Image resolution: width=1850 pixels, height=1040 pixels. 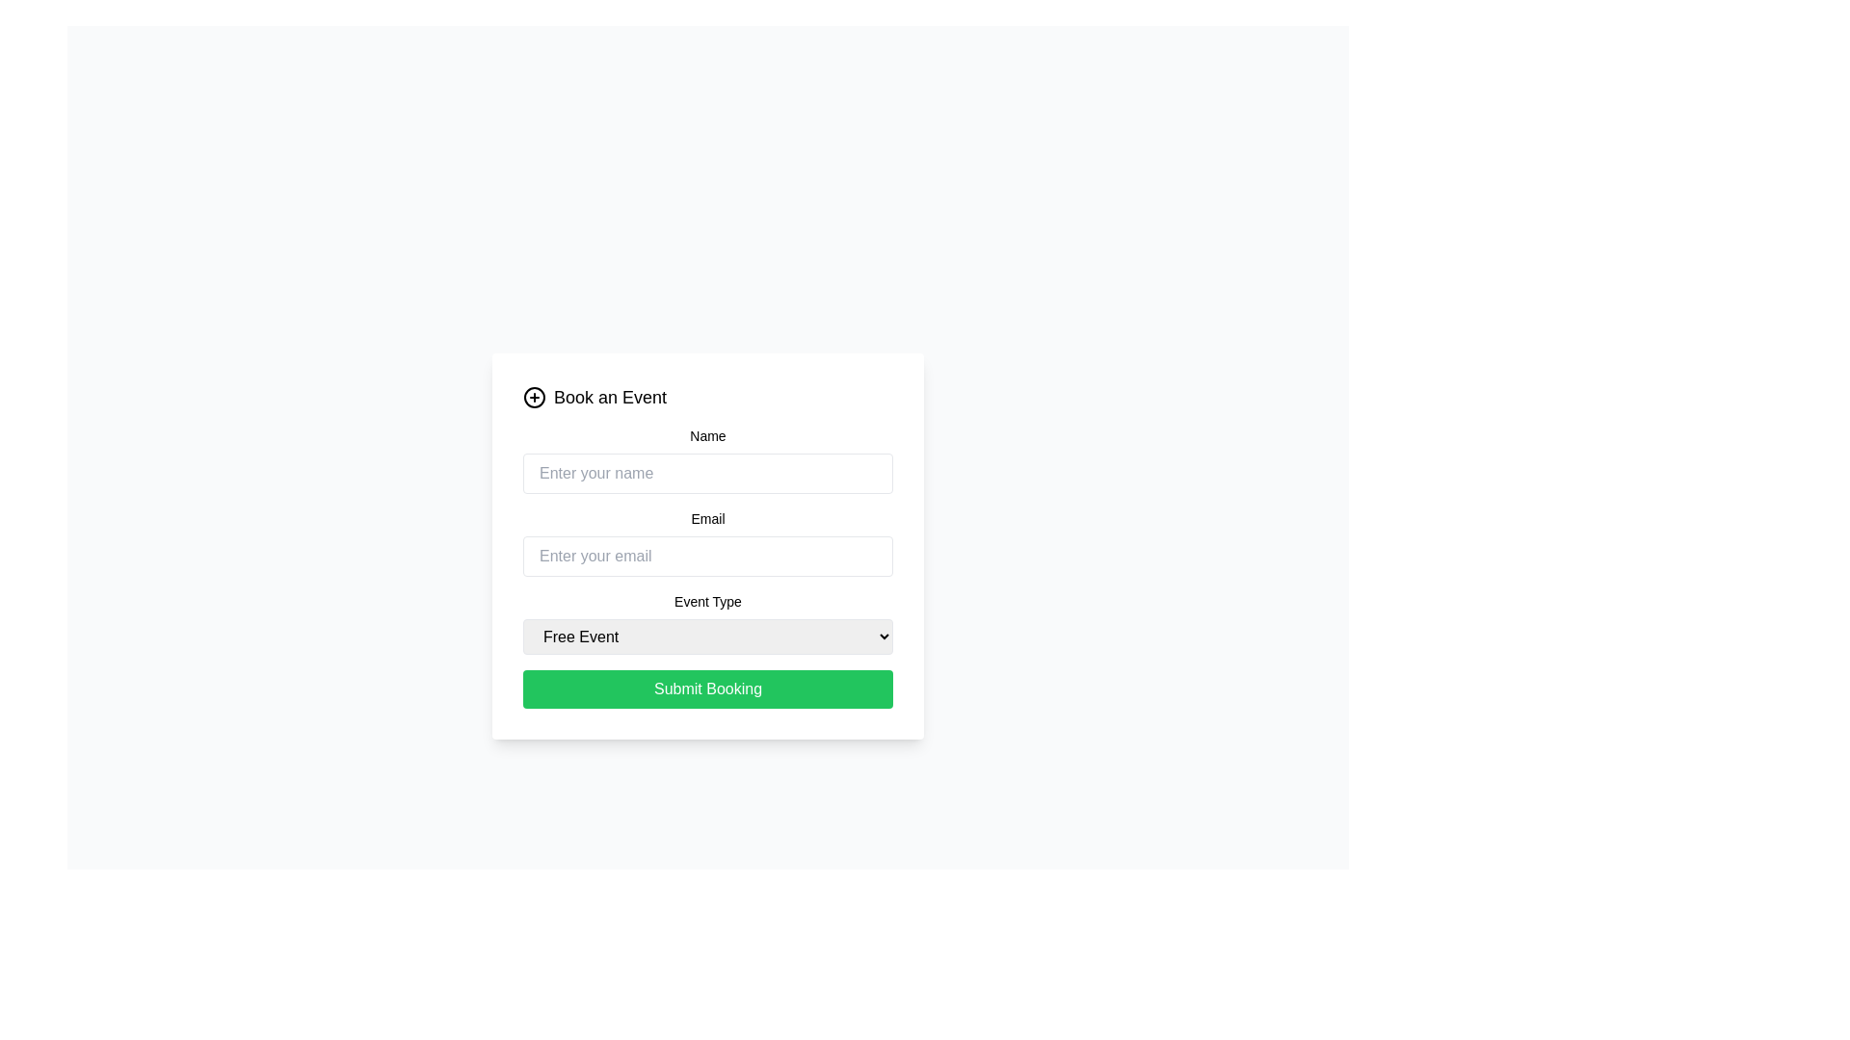 What do you see at coordinates (706, 600) in the screenshot?
I see `the text label that serves as a heading for the dropdown menu labeled 'Free Event', which is located directly above it in the form section` at bounding box center [706, 600].